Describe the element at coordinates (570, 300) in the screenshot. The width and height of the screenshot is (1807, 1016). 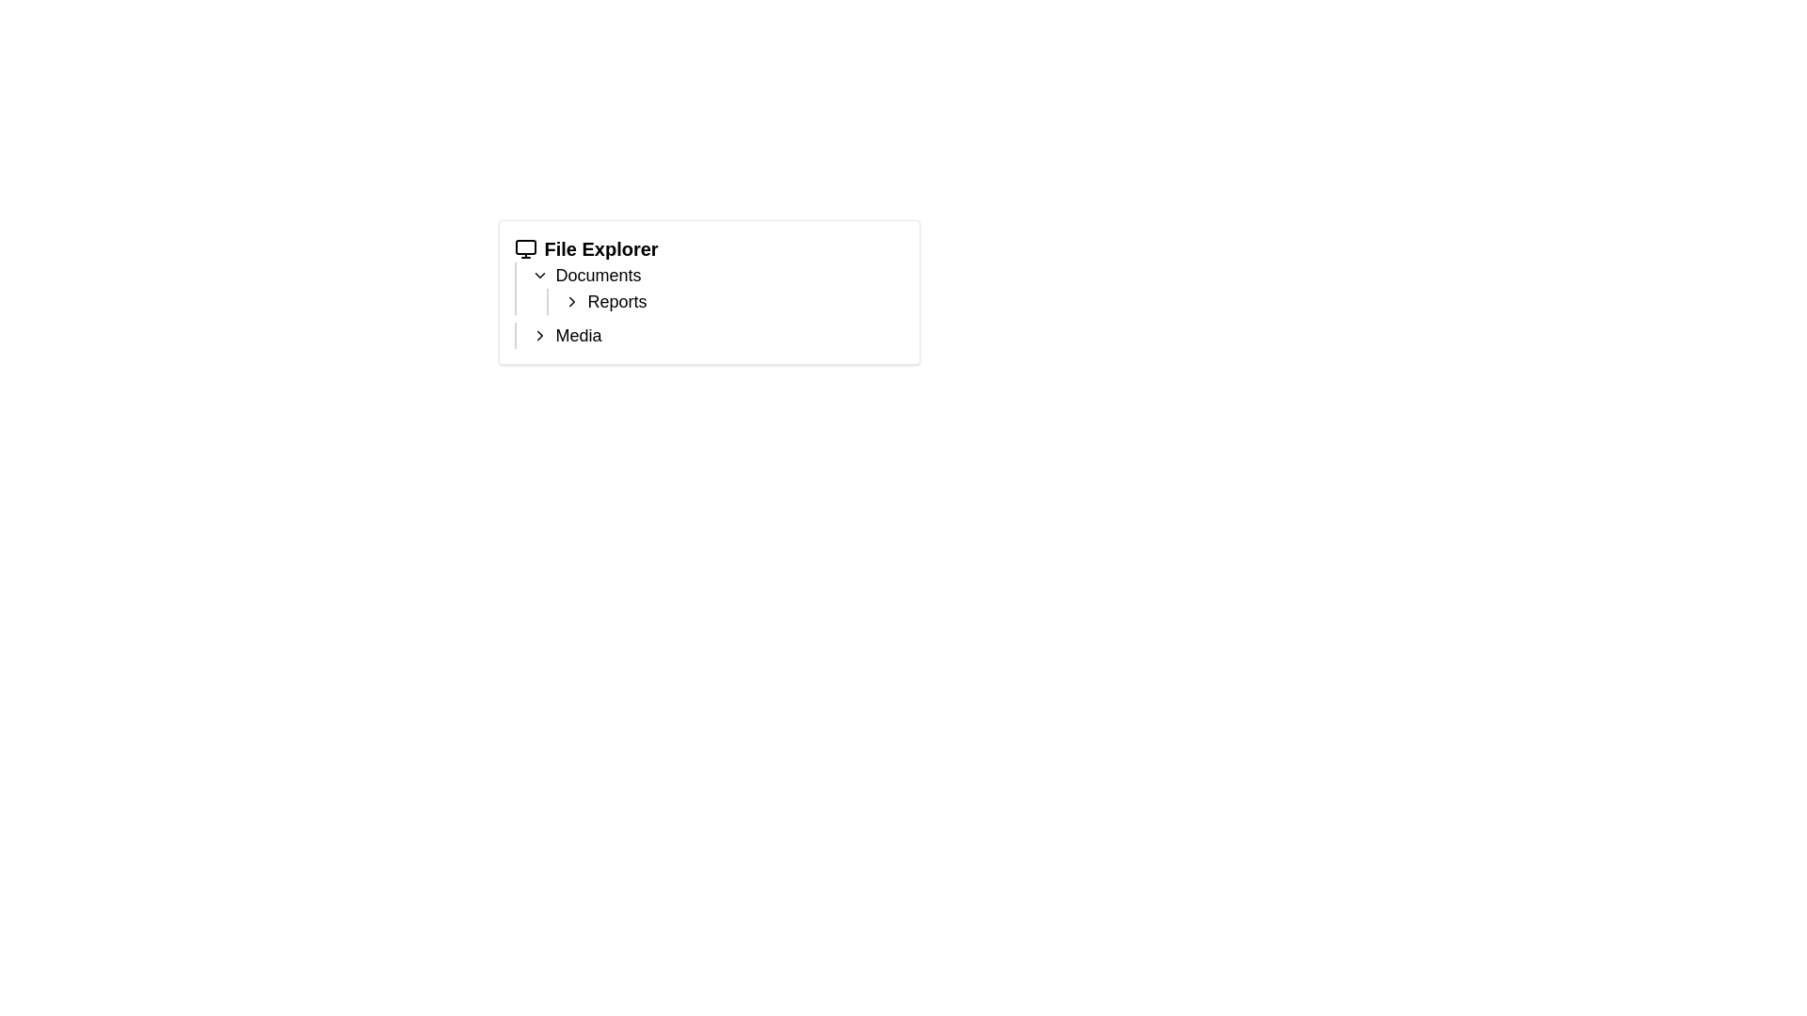
I see `the right-facing chevron icon in the 'Reports' row of the 'File Explorer' dropdown` at that location.